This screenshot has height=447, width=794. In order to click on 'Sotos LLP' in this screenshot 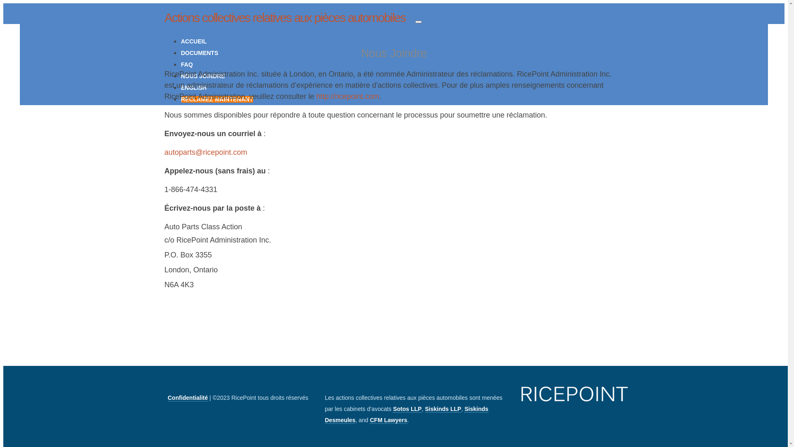, I will do `click(407, 409)`.